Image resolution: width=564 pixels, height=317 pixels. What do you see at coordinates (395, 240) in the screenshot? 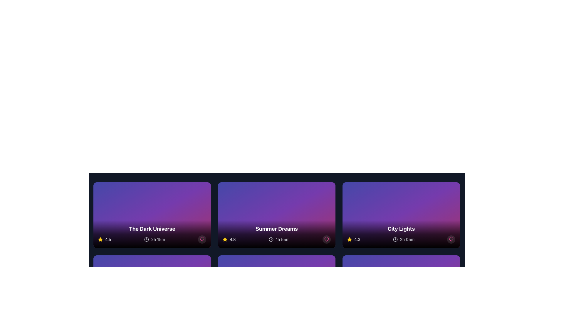
I see `the inner circular part of the clock icon located within the City Lights card, which is the third card in the top row of the displayed grid` at bounding box center [395, 240].